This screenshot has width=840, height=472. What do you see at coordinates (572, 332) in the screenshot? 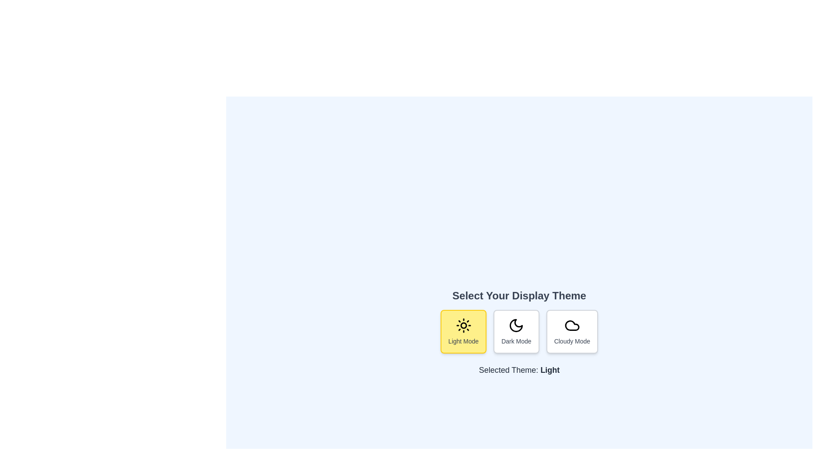
I see `the button corresponding to Cloudy Mode mode` at bounding box center [572, 332].